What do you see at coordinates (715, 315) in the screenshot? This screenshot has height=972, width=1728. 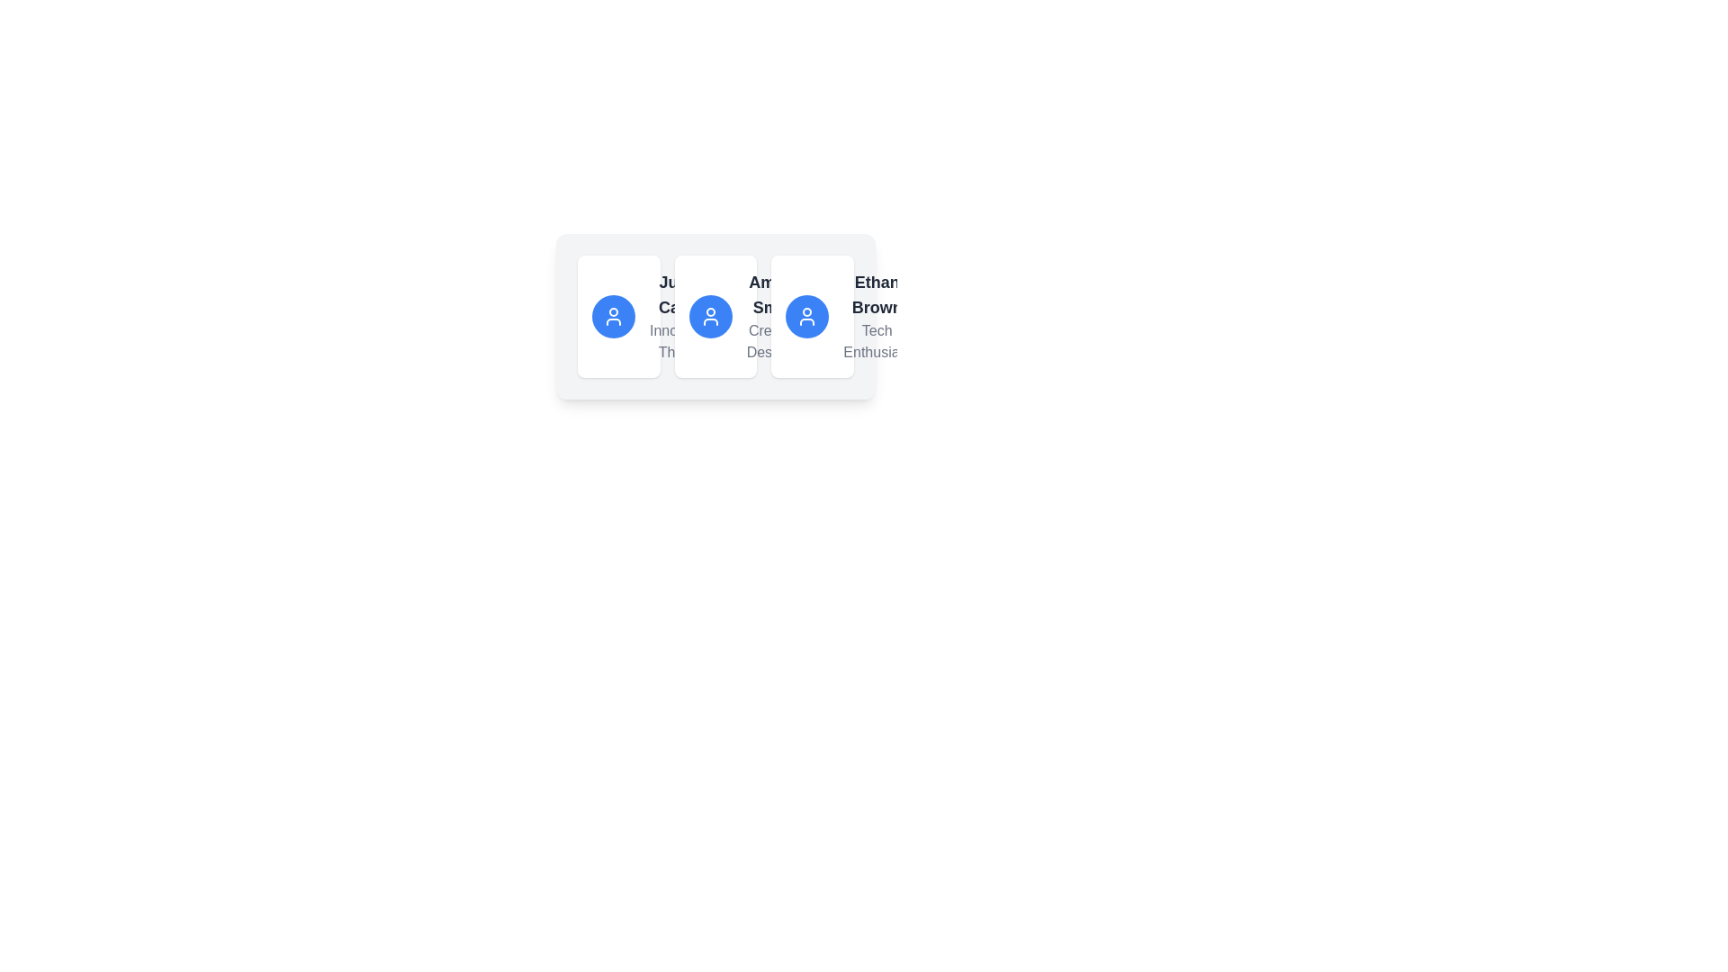 I see `the details of the Profile Card displaying 'Amelia Smith' and 'Creative Designer', which is the second card in a grid layout` at bounding box center [715, 315].